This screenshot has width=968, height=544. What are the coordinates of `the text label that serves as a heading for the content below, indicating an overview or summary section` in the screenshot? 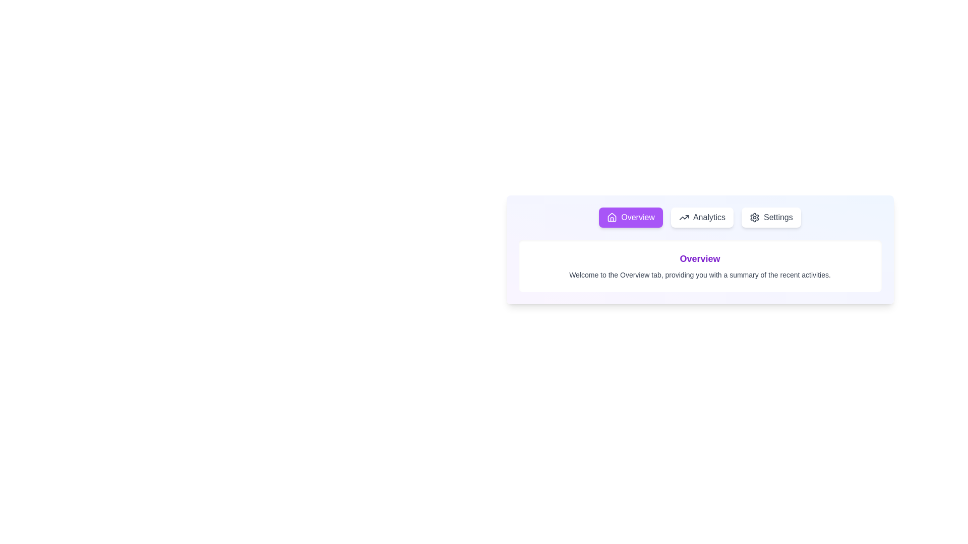 It's located at (699, 258).